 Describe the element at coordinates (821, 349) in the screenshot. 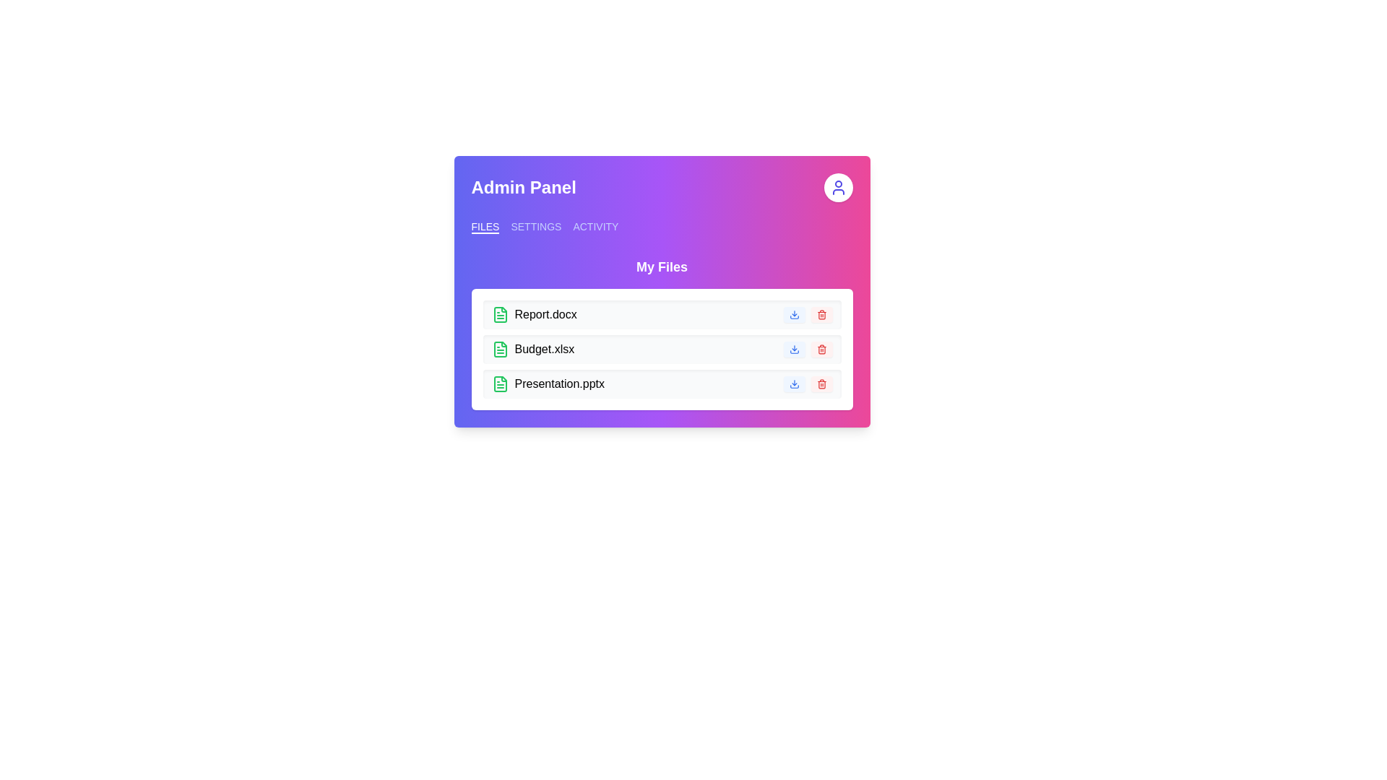

I see `the small button with a red trash can icon located to the right of the blue download button for the file 'Budget.xlsx' to change its shade` at that location.